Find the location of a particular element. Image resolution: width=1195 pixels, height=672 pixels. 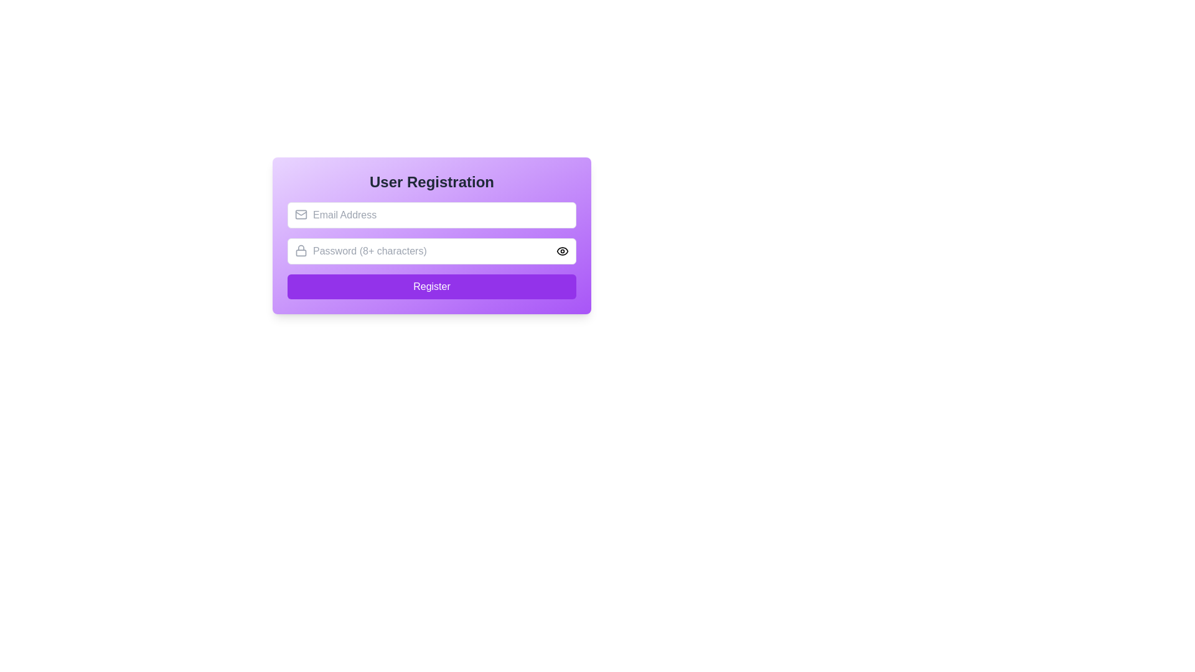

the decorative email icon background located at the start of the 'Email Address' input field is located at coordinates (301, 213).